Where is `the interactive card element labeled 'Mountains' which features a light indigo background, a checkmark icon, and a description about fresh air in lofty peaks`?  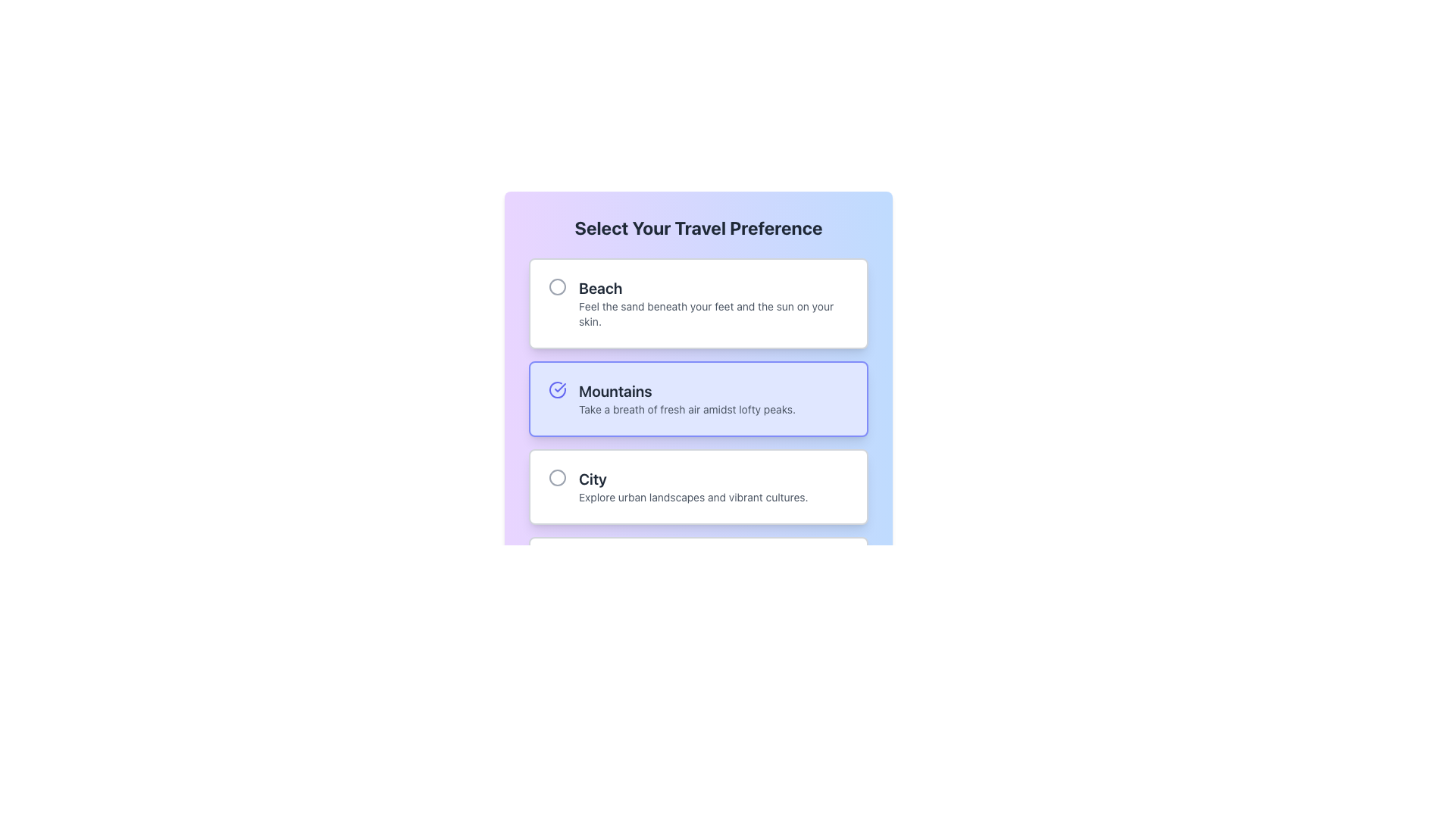 the interactive card element labeled 'Mountains' which features a light indigo background, a checkmark icon, and a description about fresh air in lofty peaks is located at coordinates (697, 398).